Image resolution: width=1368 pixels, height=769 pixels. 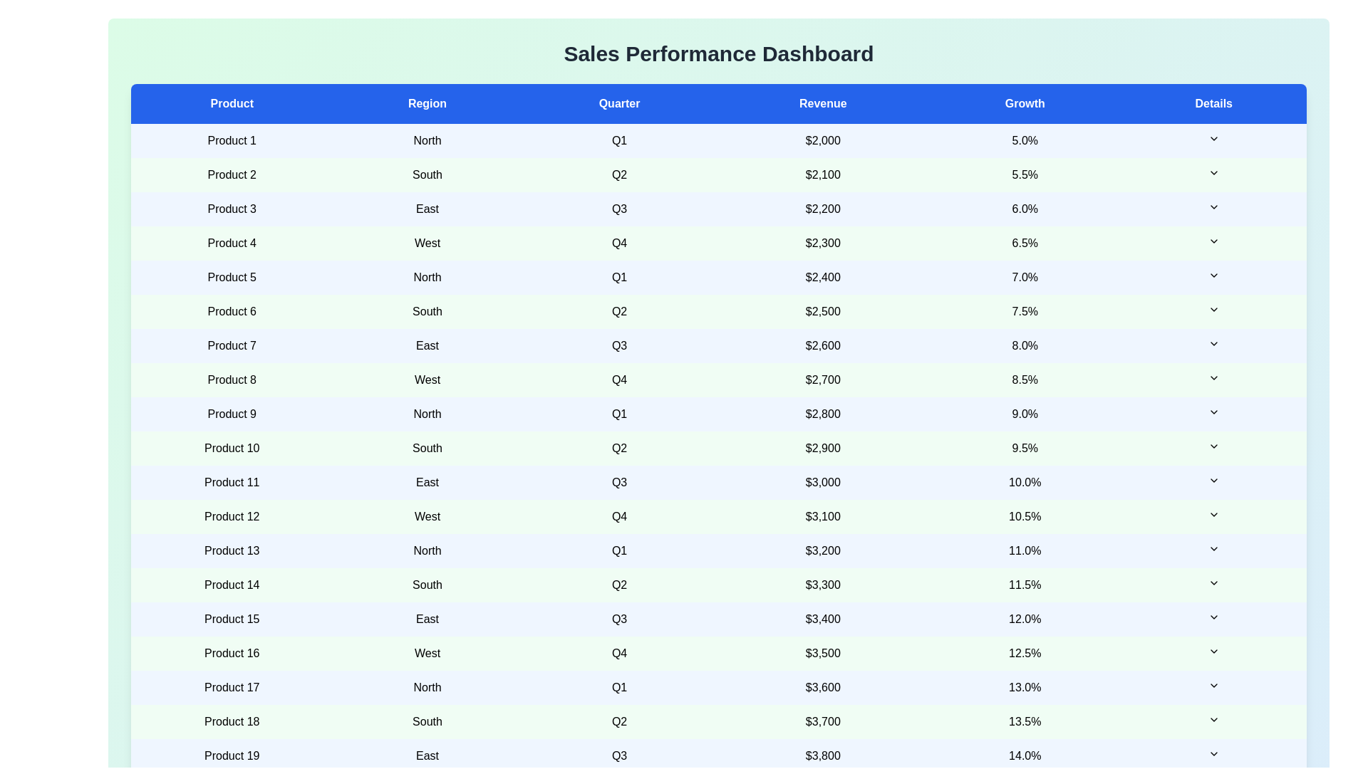 What do you see at coordinates (619, 103) in the screenshot?
I see `the column header Quarter to sort the table by that column` at bounding box center [619, 103].